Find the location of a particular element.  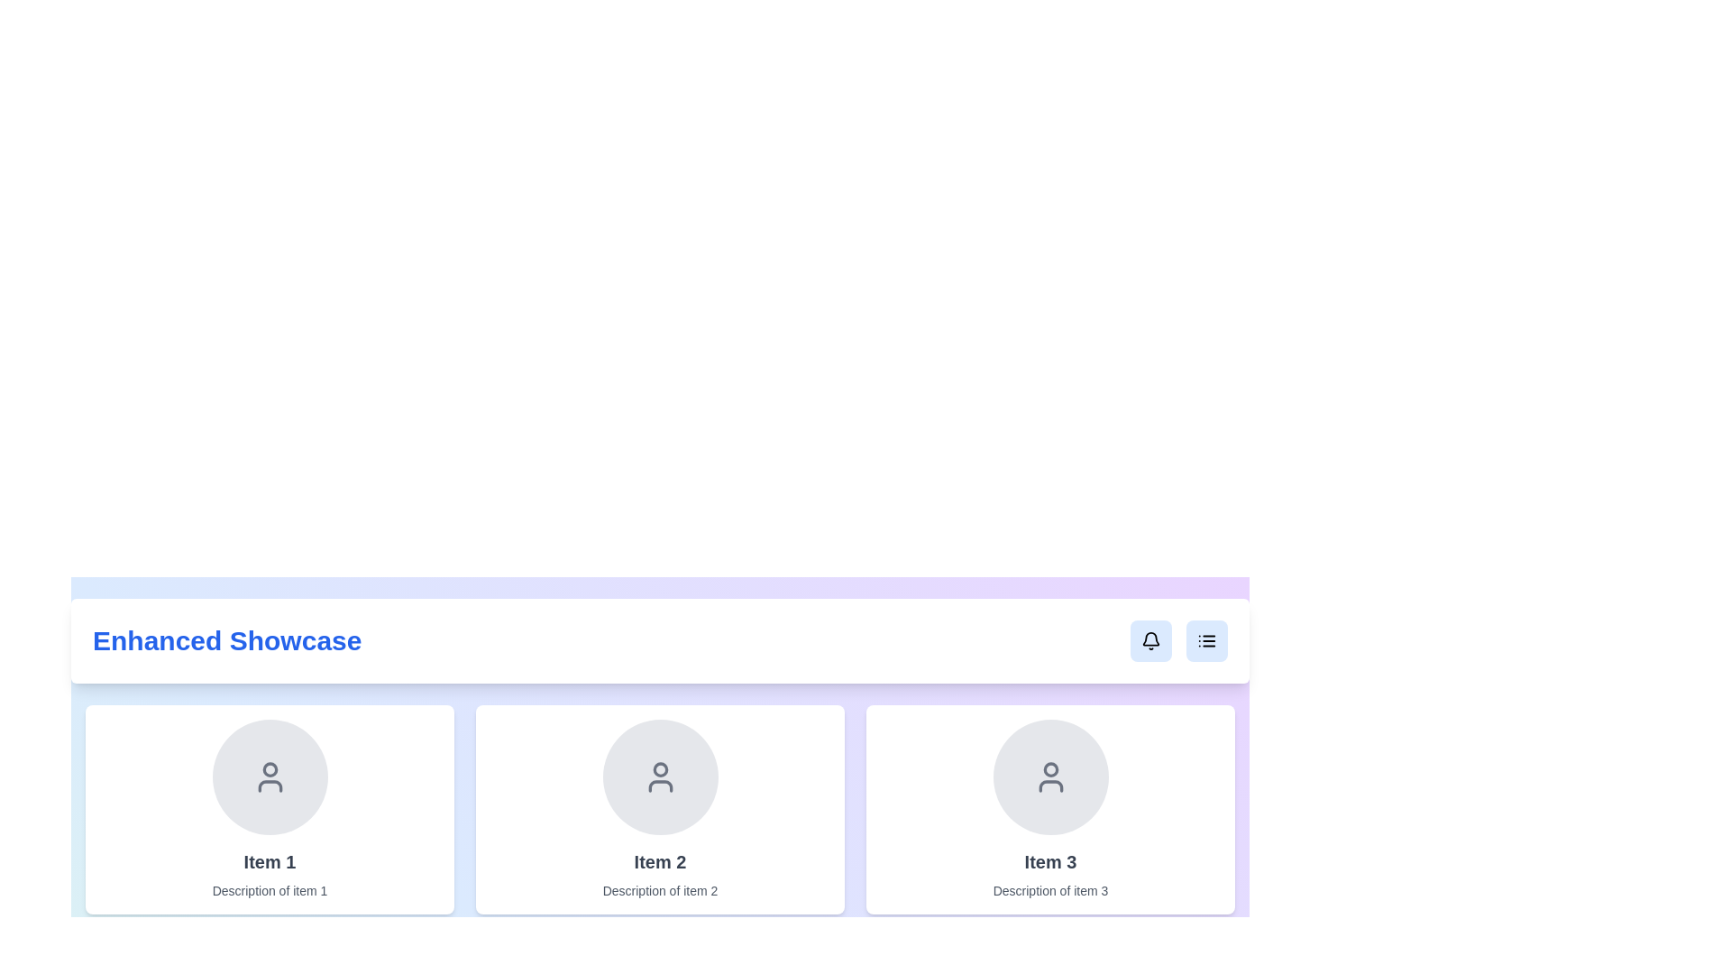

the lower part of a user icon, specifically the base of a stylized figure represented in a monochromatic SVG graphic above the 'Item 3' card is located at coordinates (1050, 785).